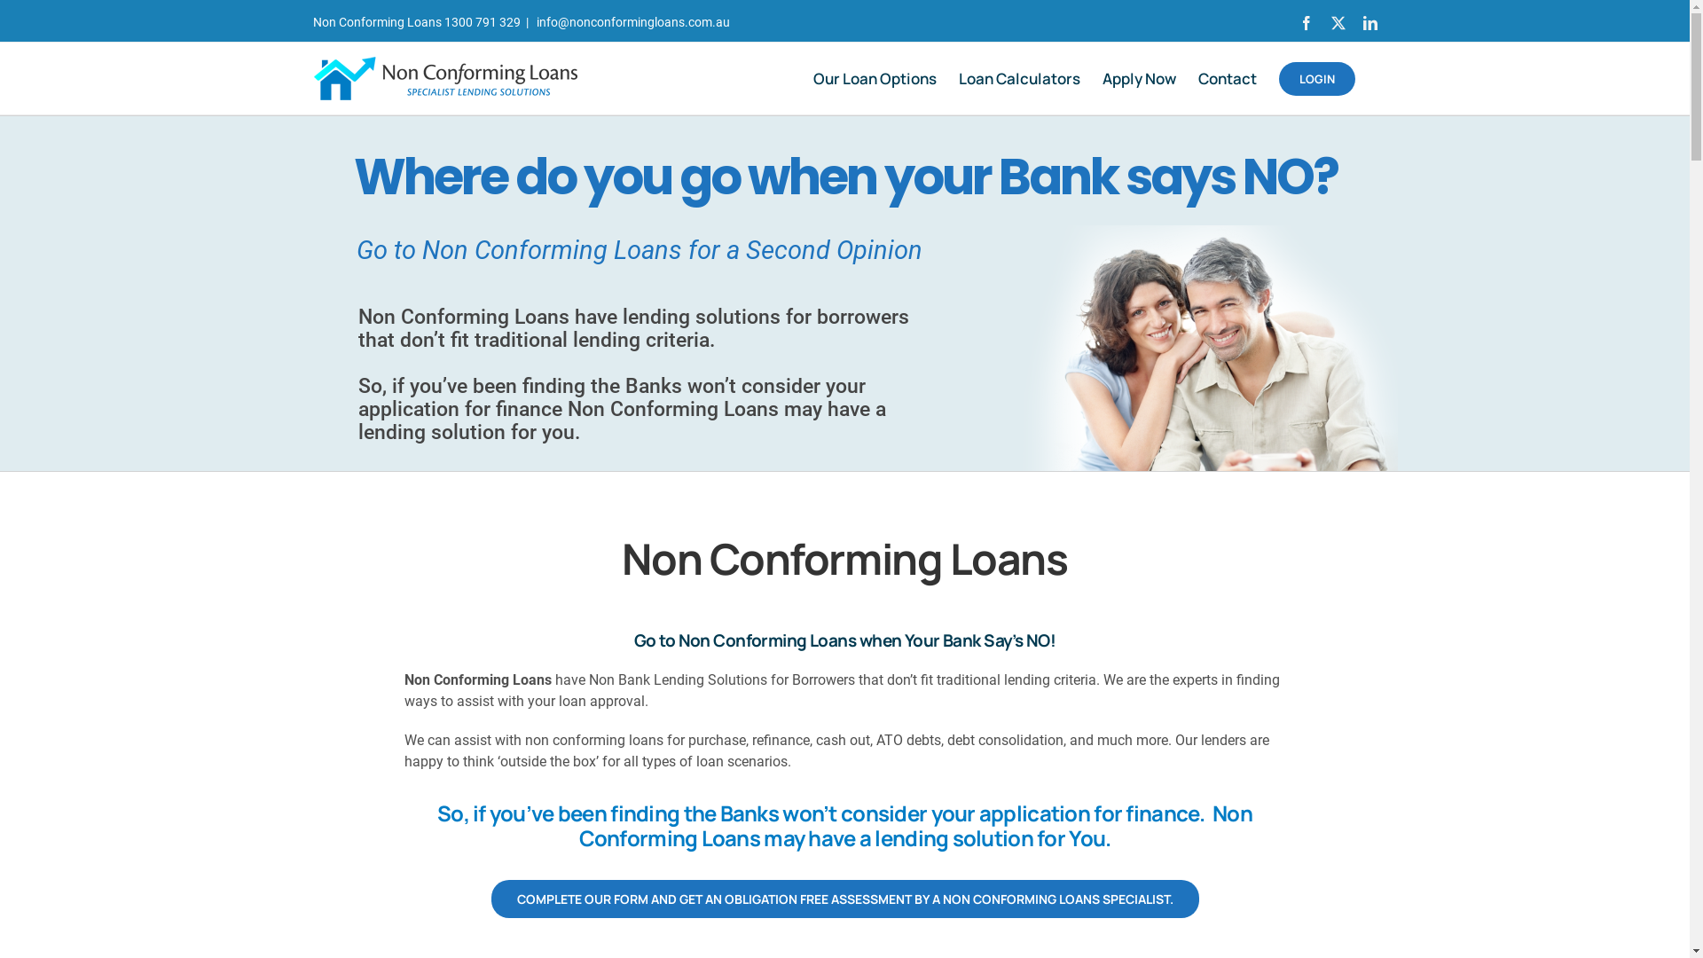  I want to click on 'Facebook', so click(1306, 23).